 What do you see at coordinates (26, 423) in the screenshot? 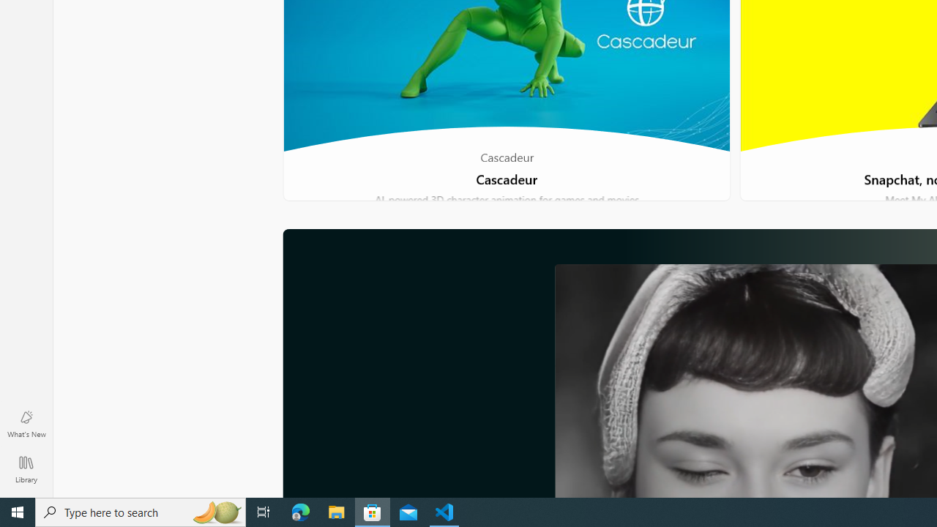
I see `'What'` at bounding box center [26, 423].